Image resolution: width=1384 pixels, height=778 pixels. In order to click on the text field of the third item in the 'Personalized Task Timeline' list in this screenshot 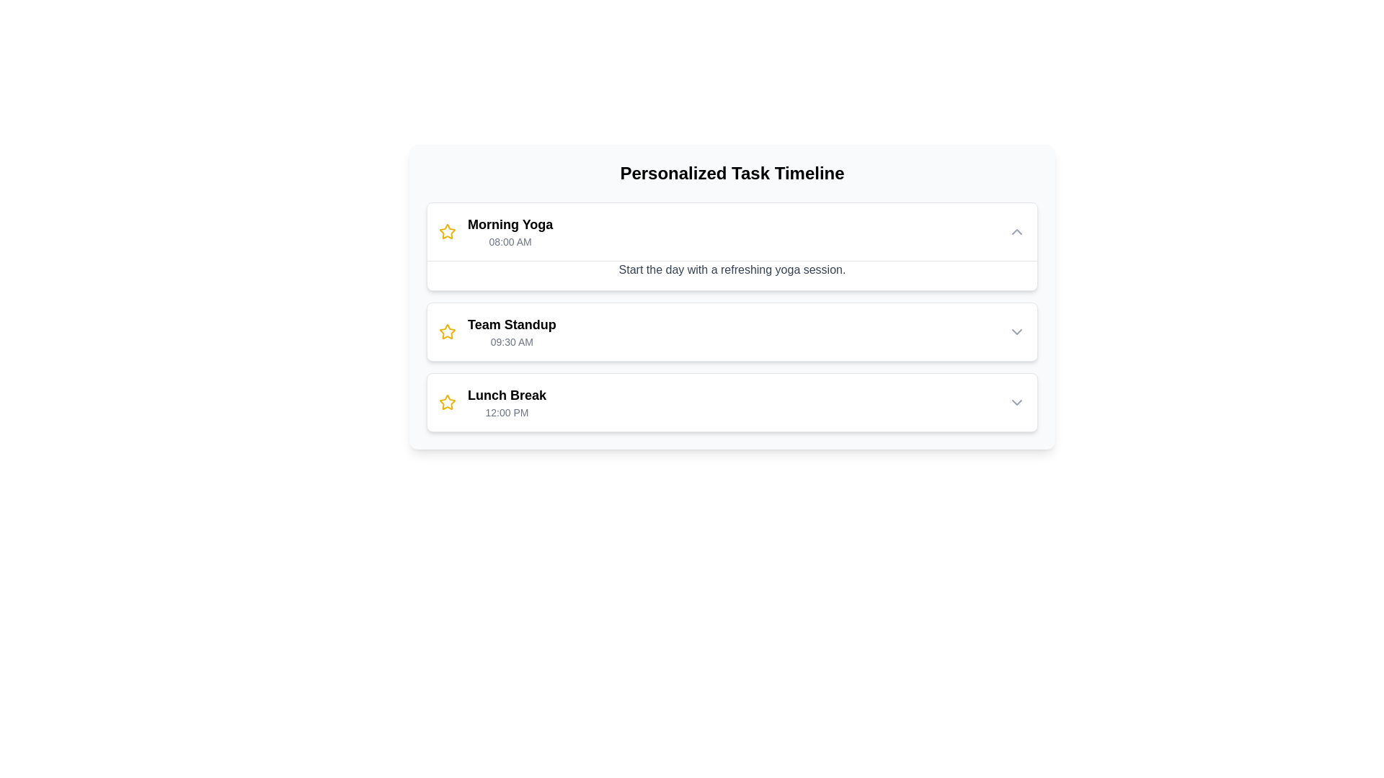, I will do `click(492, 403)`.